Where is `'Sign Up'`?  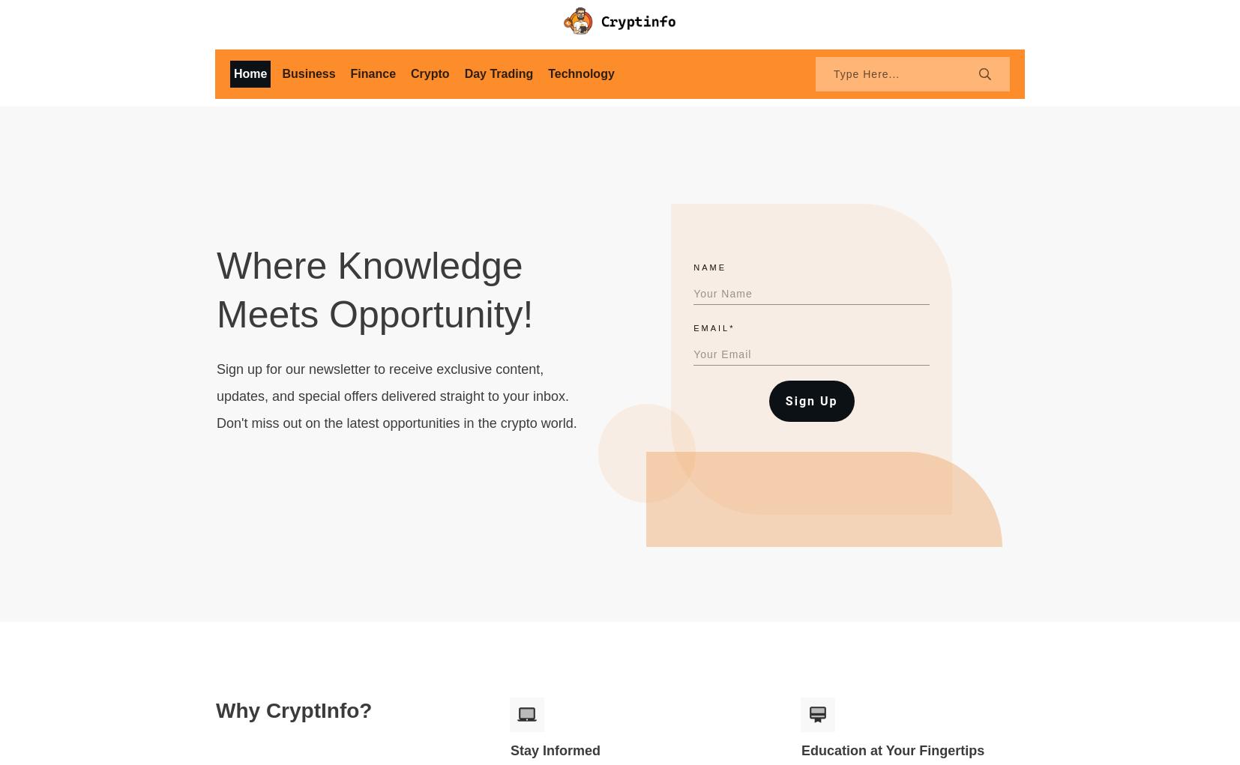 'Sign Up' is located at coordinates (810, 400).